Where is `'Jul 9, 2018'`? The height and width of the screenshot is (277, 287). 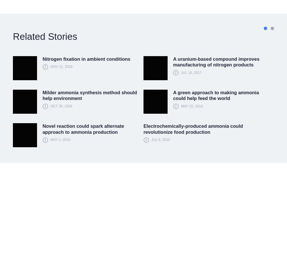 'Jul 9, 2018' is located at coordinates (151, 140).